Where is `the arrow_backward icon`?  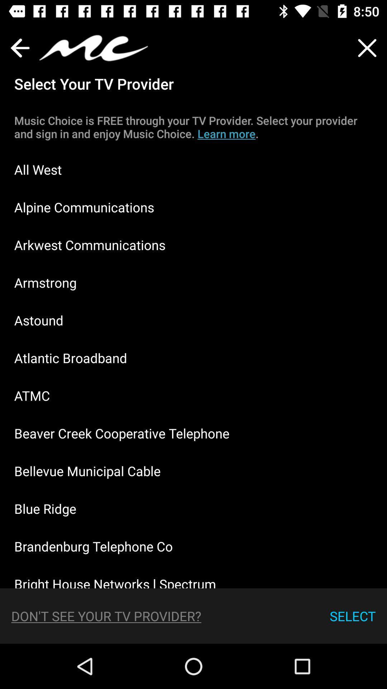
the arrow_backward icon is located at coordinates (19, 47).